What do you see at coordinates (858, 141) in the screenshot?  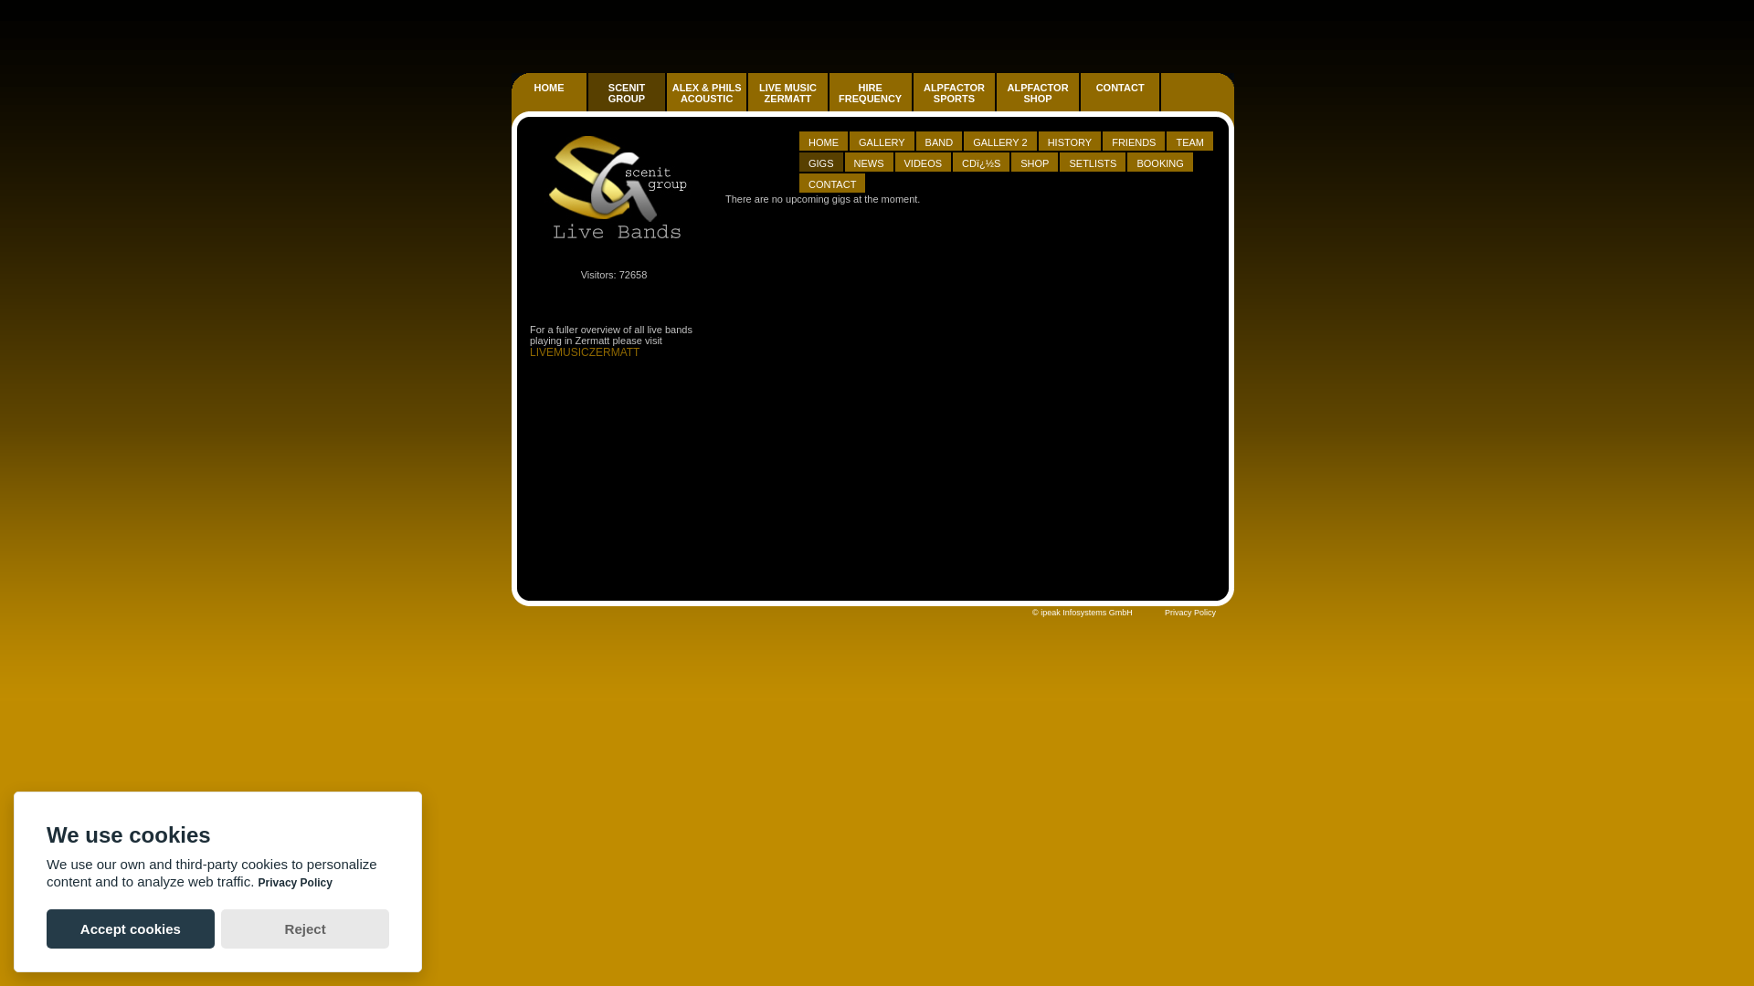 I see `'GALLERY'` at bounding box center [858, 141].